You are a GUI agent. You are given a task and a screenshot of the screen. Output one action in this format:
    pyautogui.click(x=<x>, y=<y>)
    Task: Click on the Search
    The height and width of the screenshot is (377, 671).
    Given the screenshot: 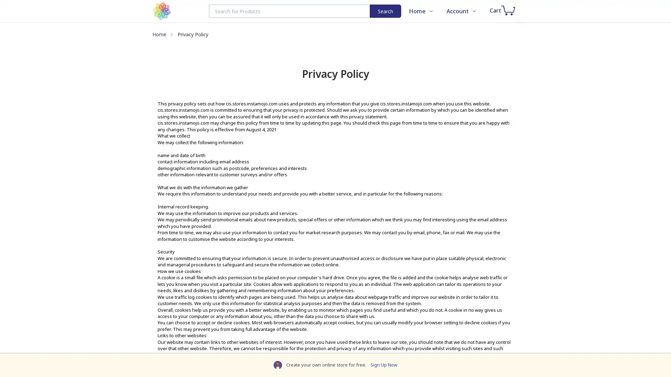 What is the action you would take?
    pyautogui.click(x=385, y=11)
    